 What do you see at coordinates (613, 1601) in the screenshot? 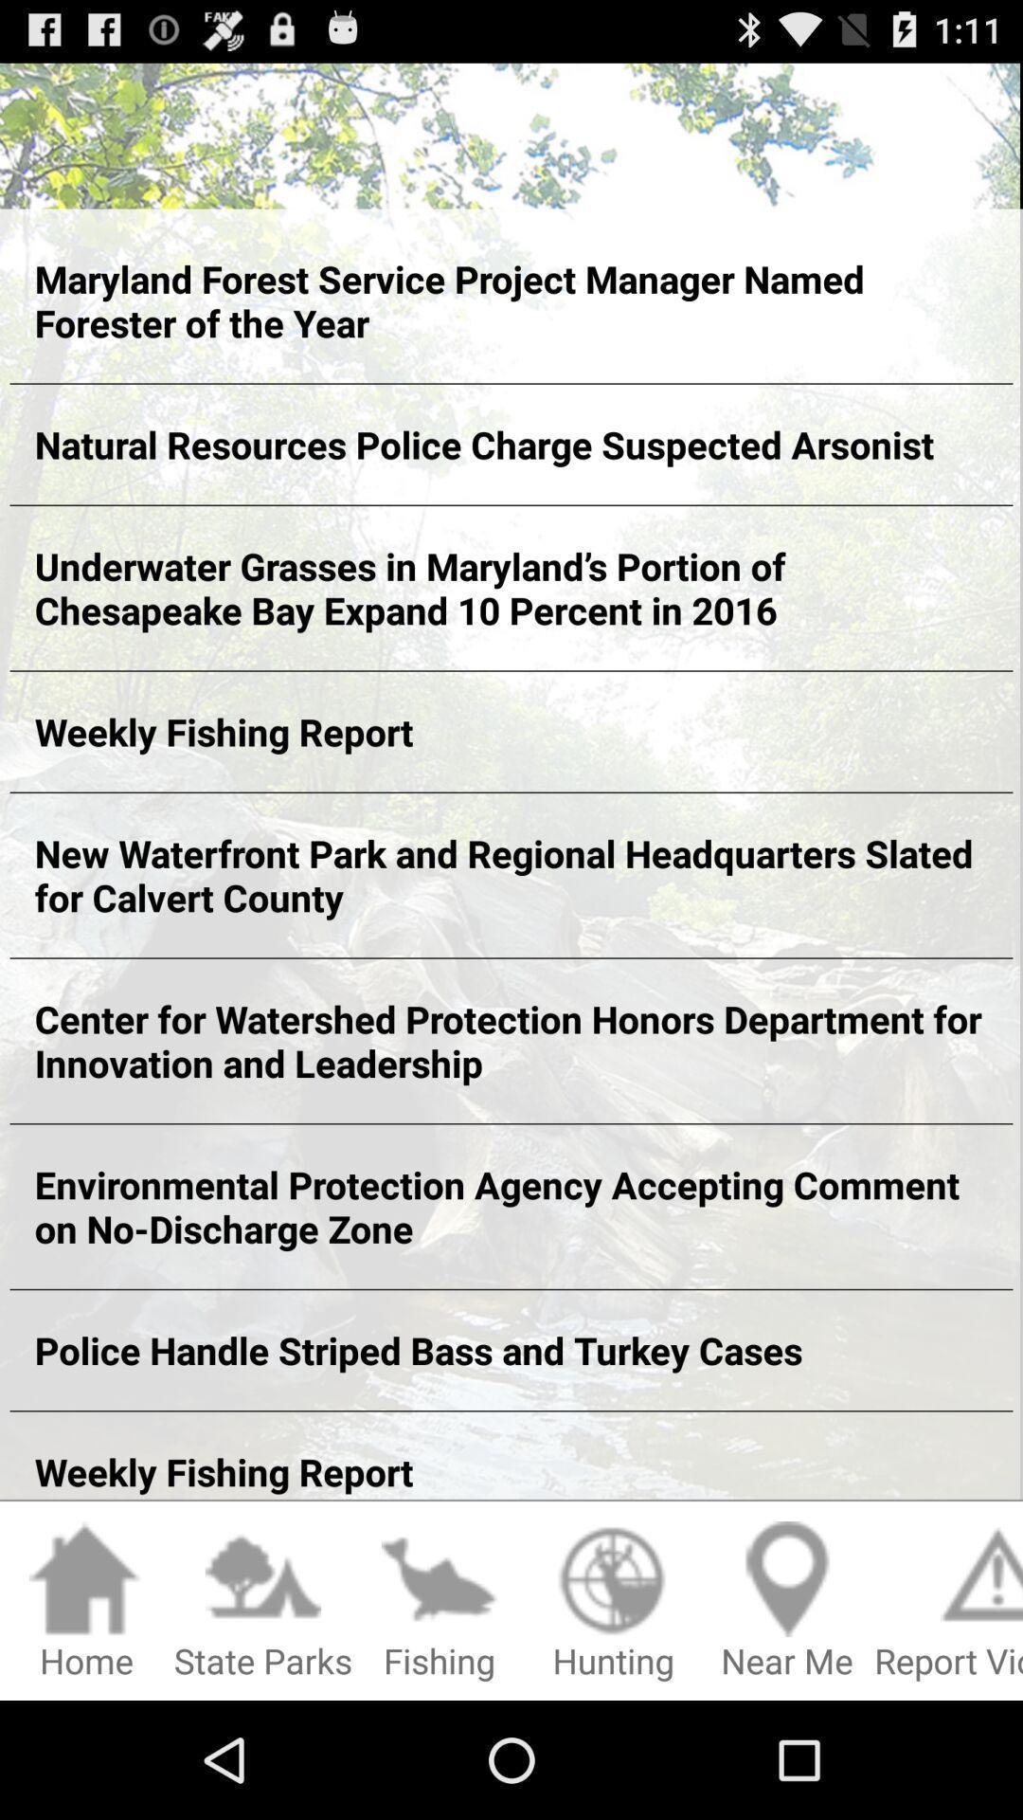
I see `app below weekly fishing report icon` at bounding box center [613, 1601].